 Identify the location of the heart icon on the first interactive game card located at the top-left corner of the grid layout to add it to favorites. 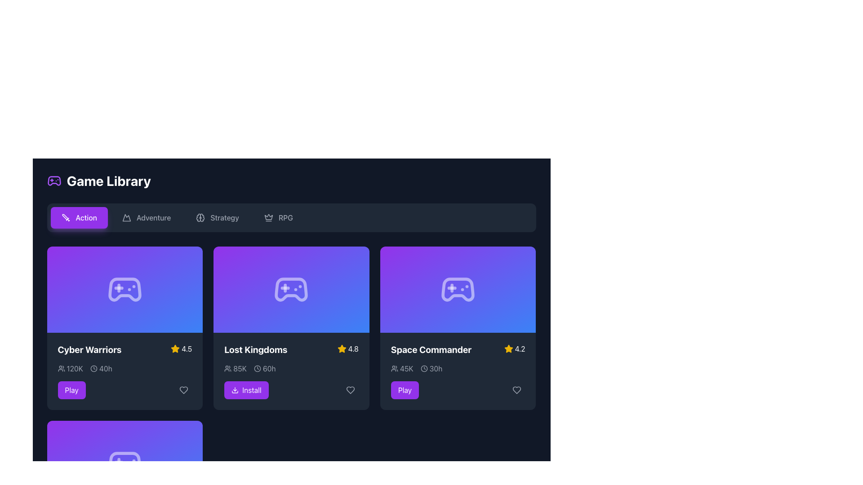
(124, 328).